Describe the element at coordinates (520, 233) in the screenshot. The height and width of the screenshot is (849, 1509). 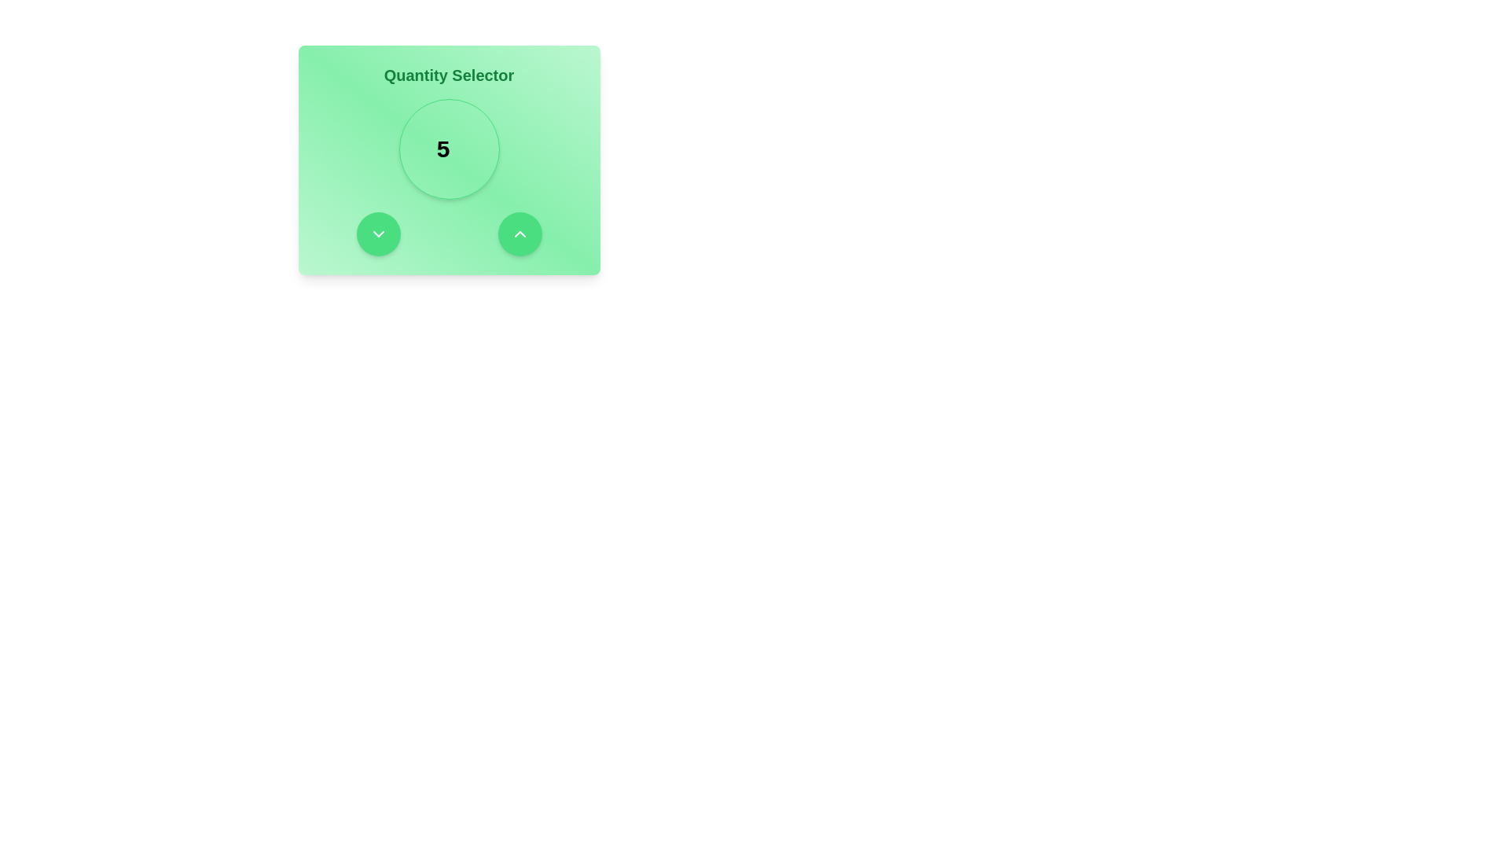
I see `the Chevron icon within the green circular increment button located at the bottom-right corner of the main card` at that location.